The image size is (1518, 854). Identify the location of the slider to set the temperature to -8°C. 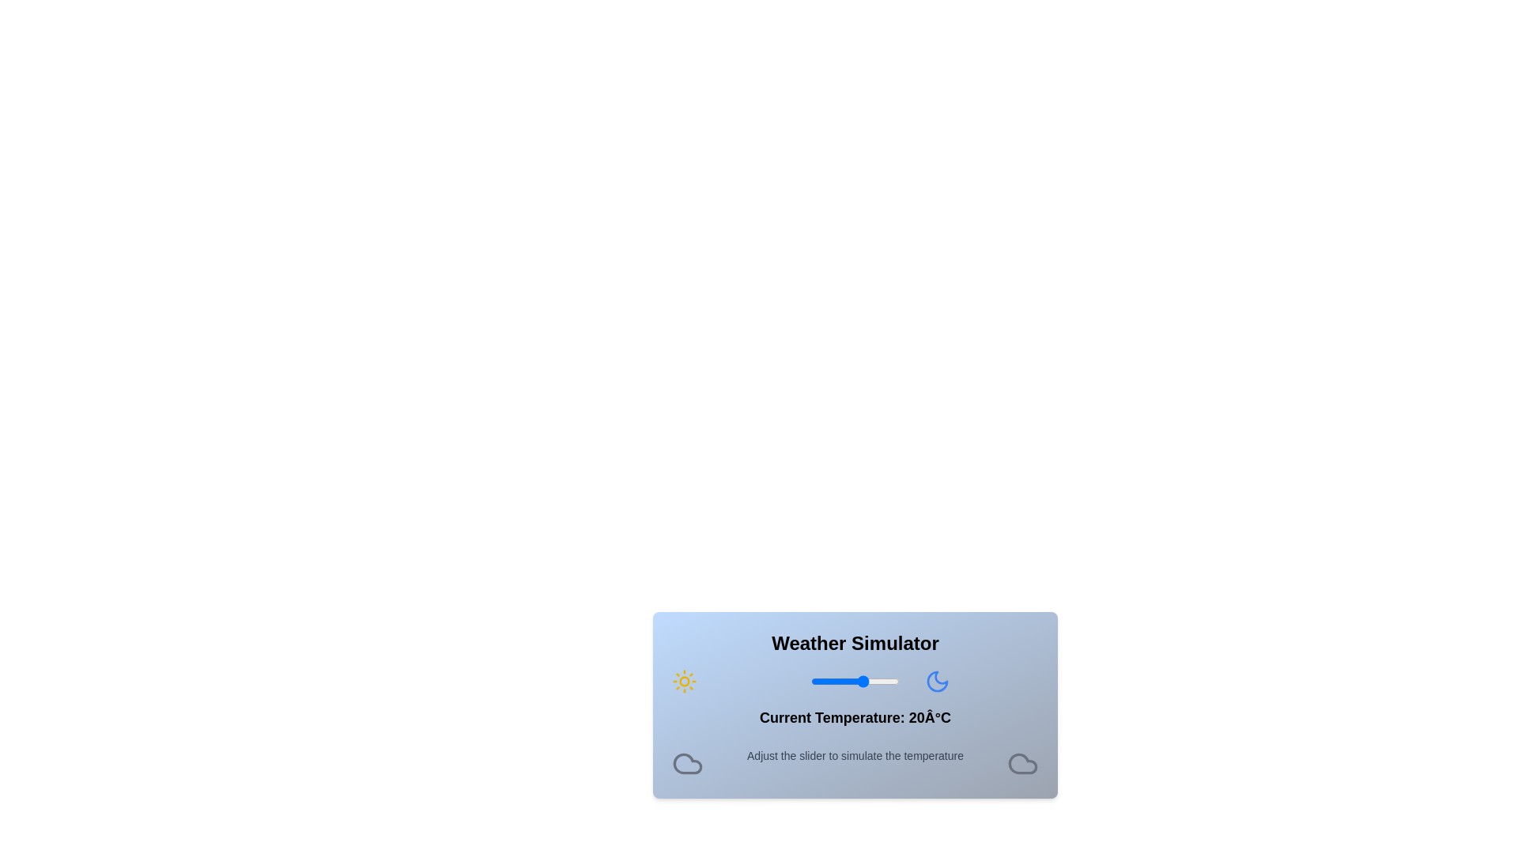
(814, 680).